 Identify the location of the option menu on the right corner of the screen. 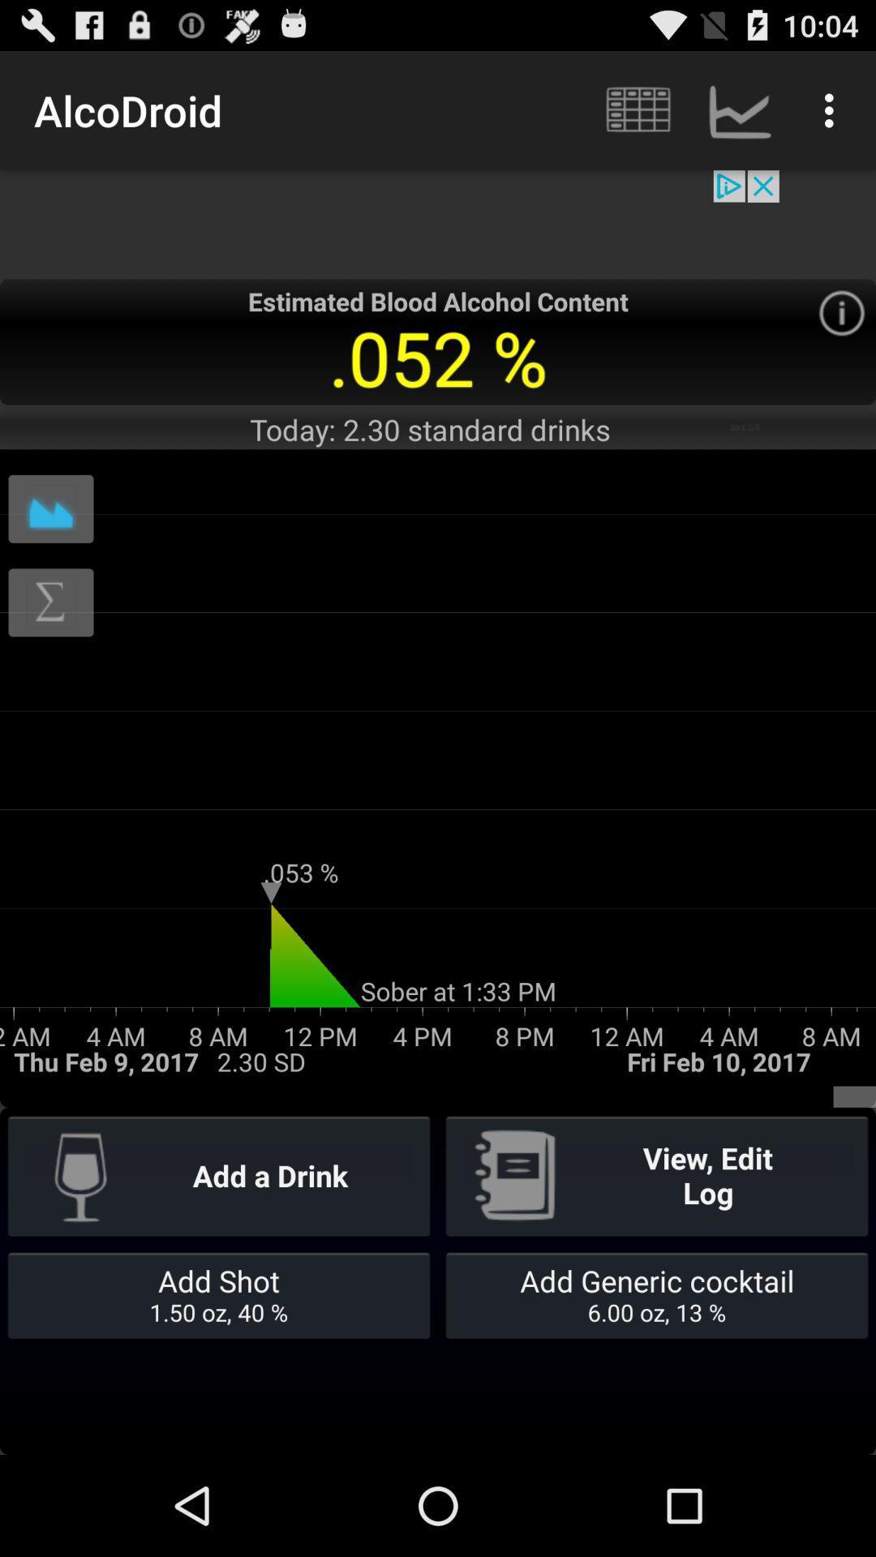
(833, 110).